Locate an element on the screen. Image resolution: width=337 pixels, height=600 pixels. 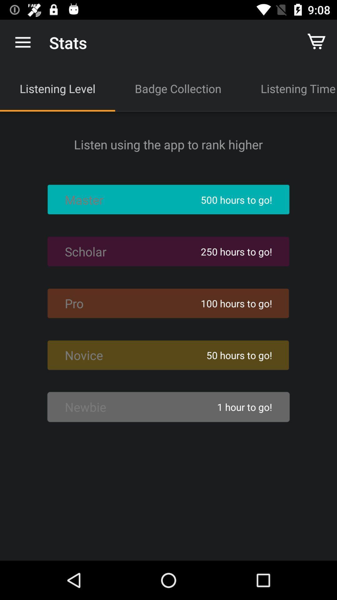
item above listen using the is located at coordinates (178, 88).